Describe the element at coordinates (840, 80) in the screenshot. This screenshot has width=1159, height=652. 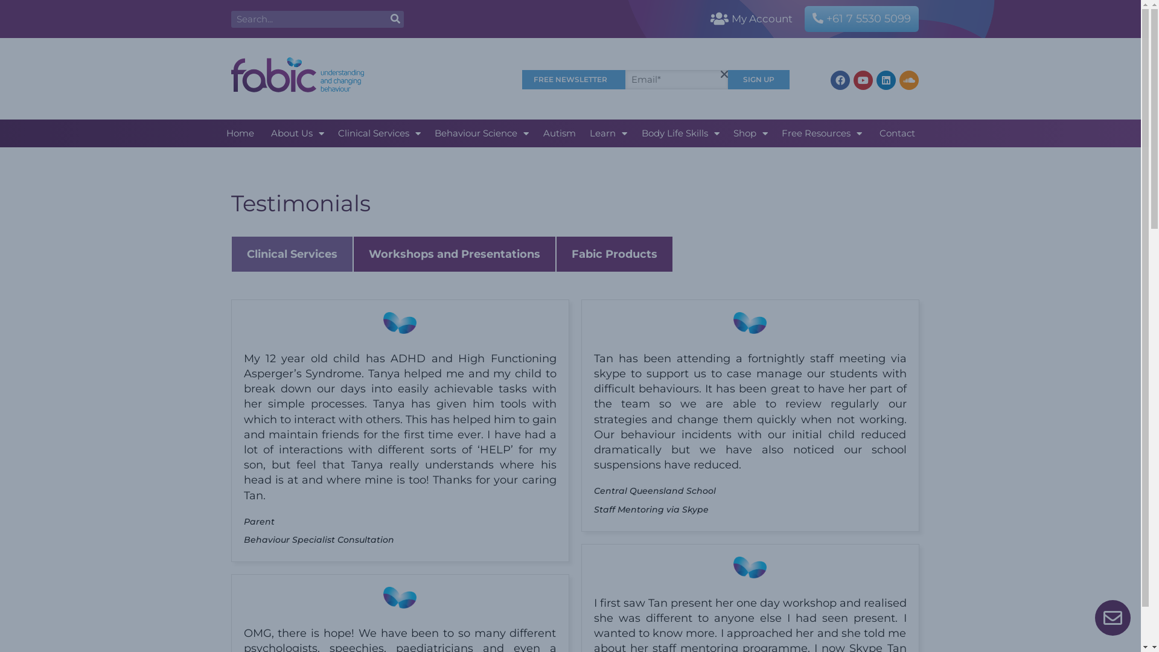
I see `'Facebook'` at that location.